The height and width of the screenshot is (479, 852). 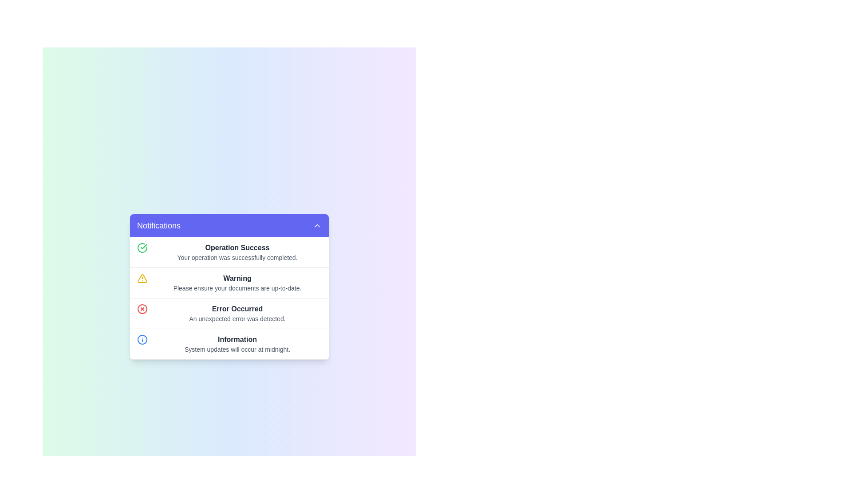 I want to click on the green circular icon that represents the checkmark in the 'Operation Success' notification, which is the first icon on the left in the notification list, so click(x=144, y=246).